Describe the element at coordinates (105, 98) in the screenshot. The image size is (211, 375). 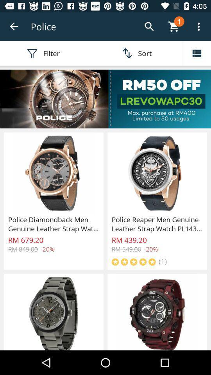
I see `advert connected to what you are viewing` at that location.